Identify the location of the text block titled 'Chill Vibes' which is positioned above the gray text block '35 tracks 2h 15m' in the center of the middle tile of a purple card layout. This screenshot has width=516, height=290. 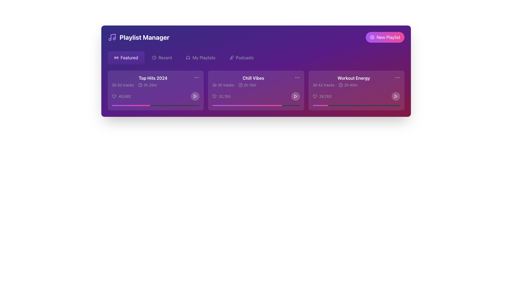
(253, 81).